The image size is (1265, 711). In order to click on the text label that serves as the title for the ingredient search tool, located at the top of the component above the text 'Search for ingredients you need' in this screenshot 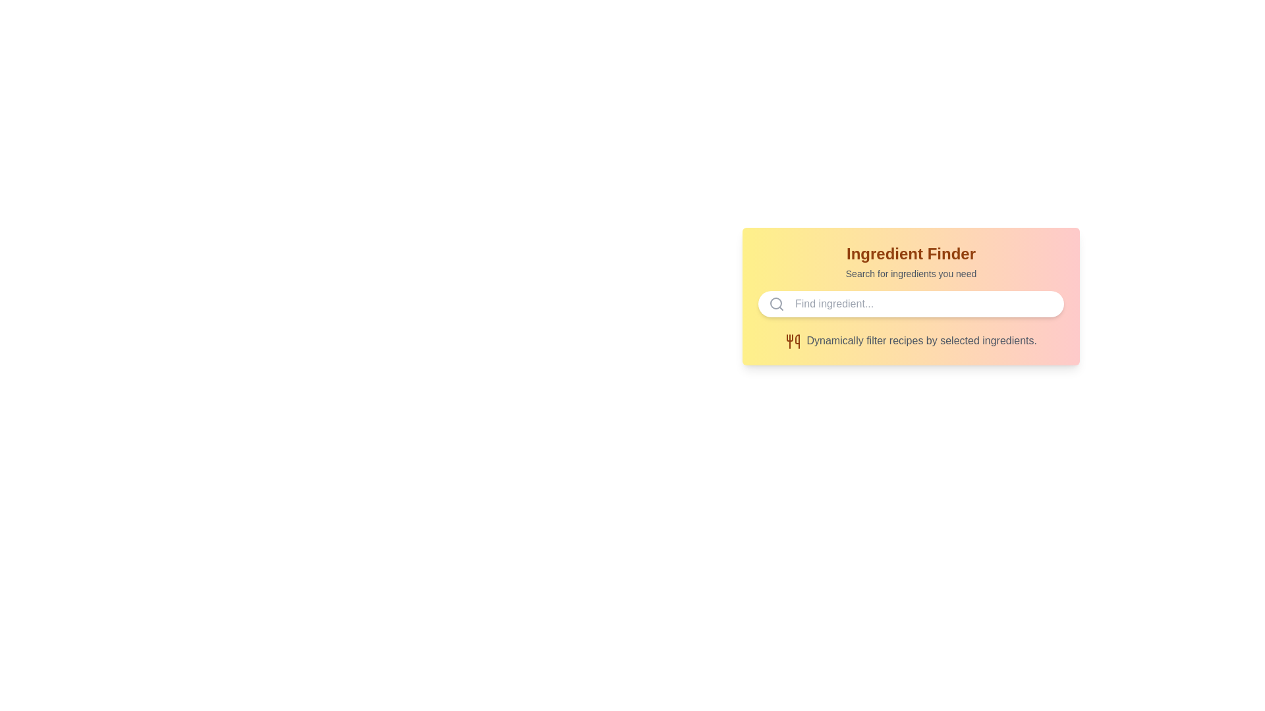, I will do `click(910, 253)`.